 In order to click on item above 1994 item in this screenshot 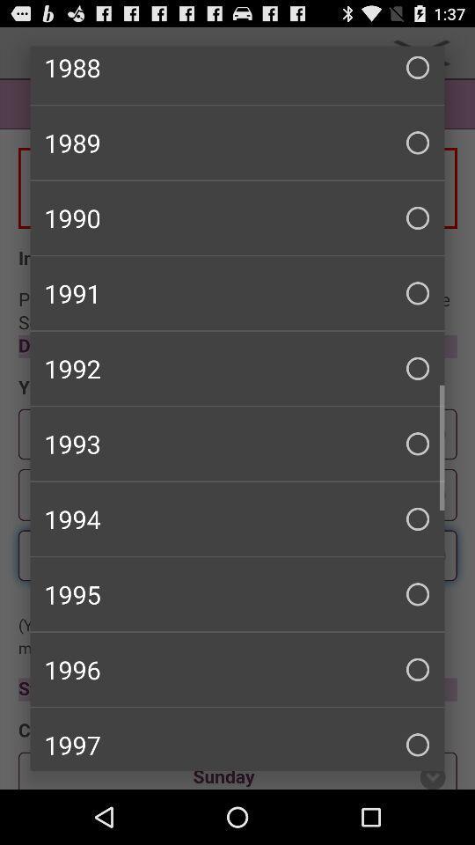, I will do `click(237, 443)`.